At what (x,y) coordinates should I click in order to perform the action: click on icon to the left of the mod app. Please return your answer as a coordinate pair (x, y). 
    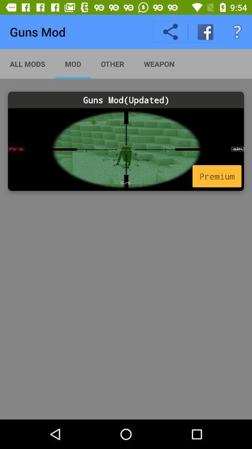
    Looking at the image, I should click on (28, 63).